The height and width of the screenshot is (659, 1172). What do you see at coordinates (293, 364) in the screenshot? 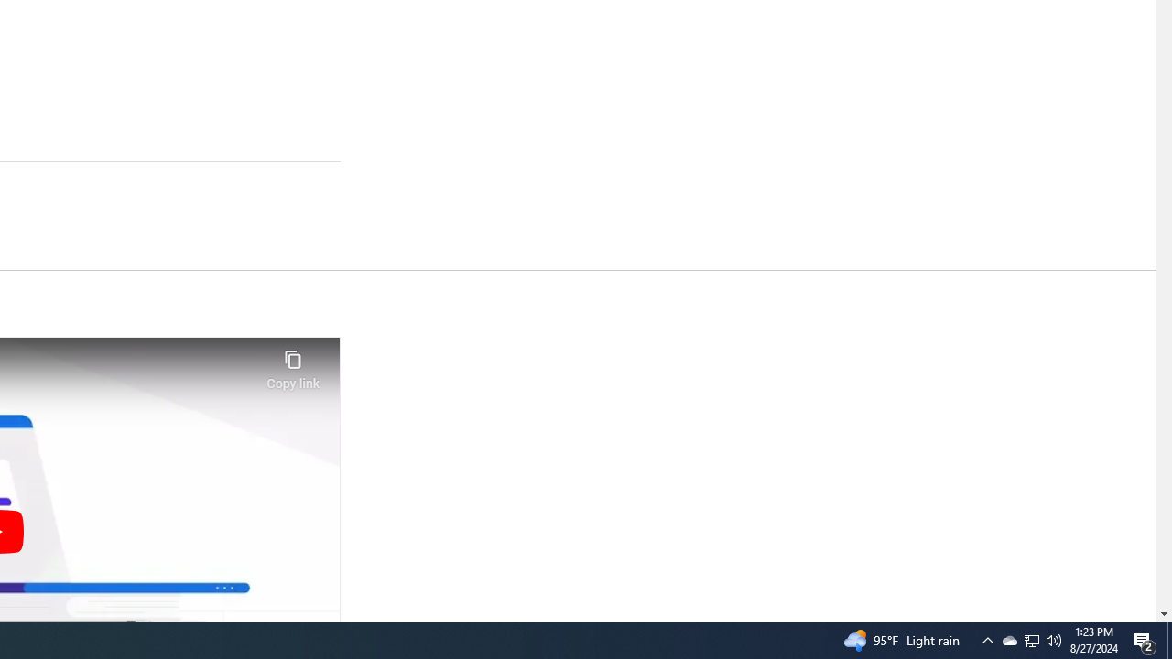
I see `'Copy link'` at bounding box center [293, 364].